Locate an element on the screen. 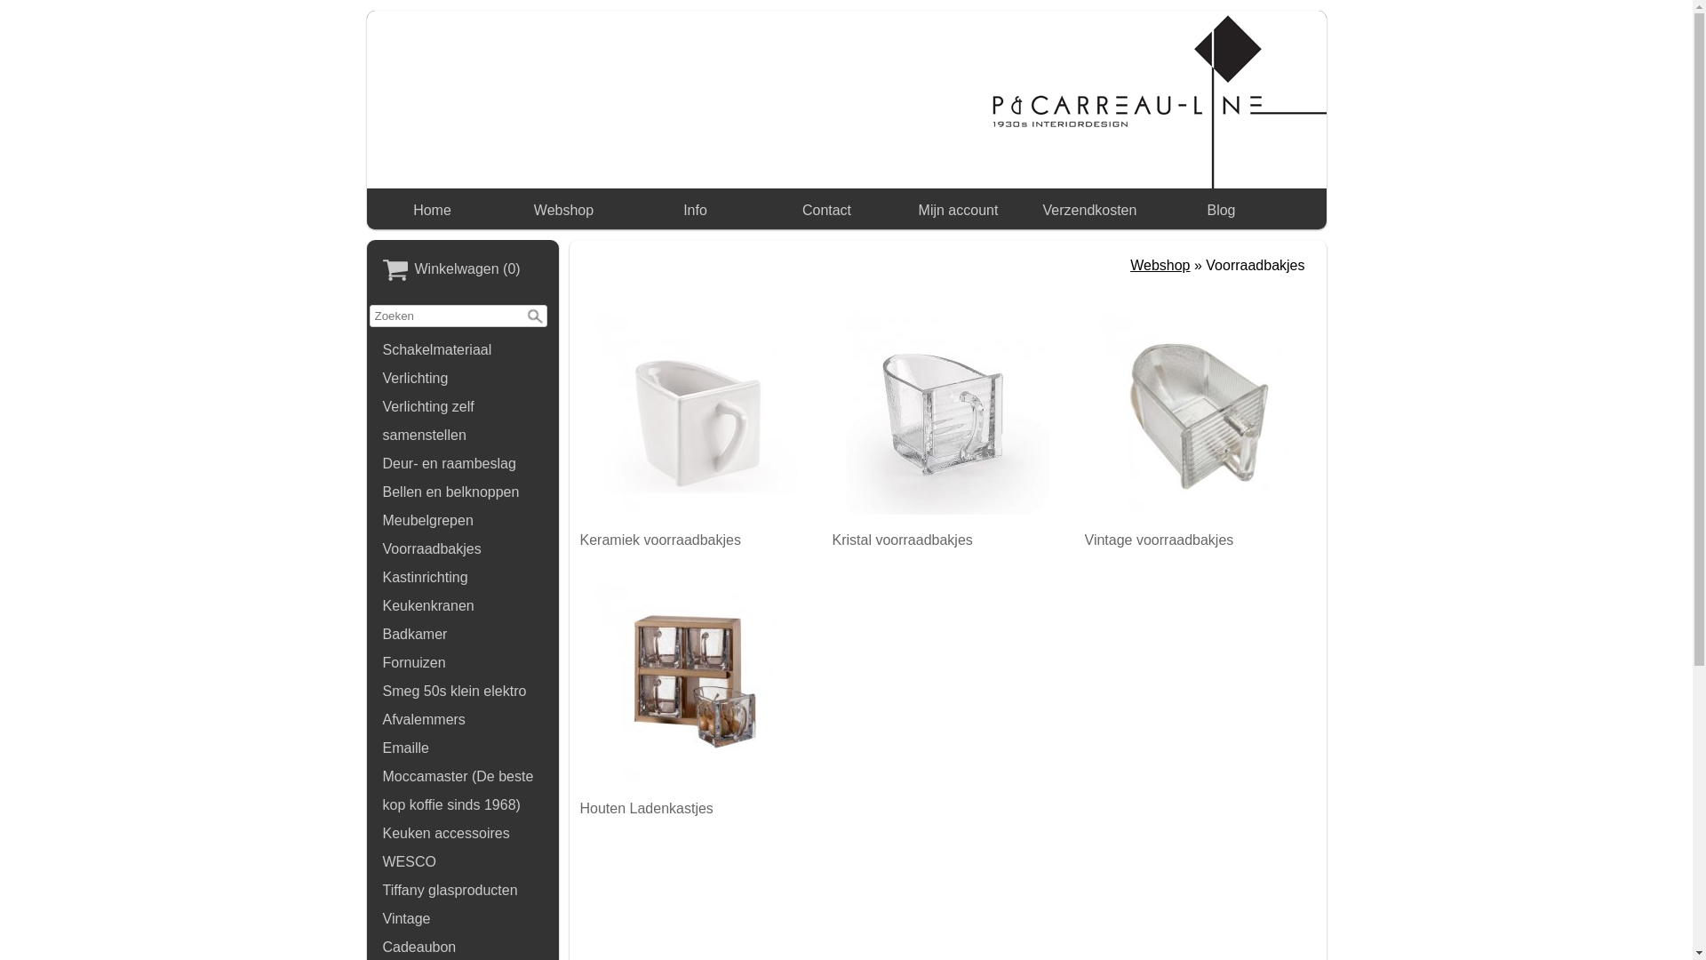 The image size is (1706, 960). 'Home' is located at coordinates (432, 209).